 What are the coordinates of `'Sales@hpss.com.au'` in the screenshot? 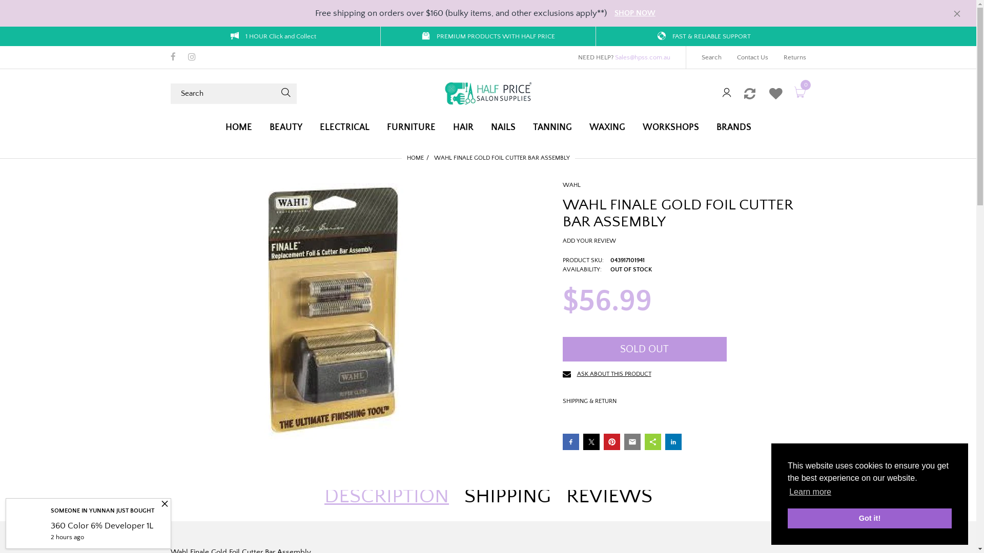 It's located at (642, 57).